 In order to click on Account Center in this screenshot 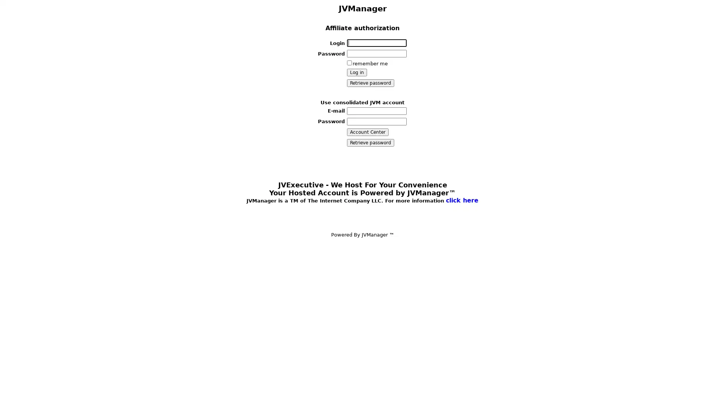, I will do `click(367, 131)`.